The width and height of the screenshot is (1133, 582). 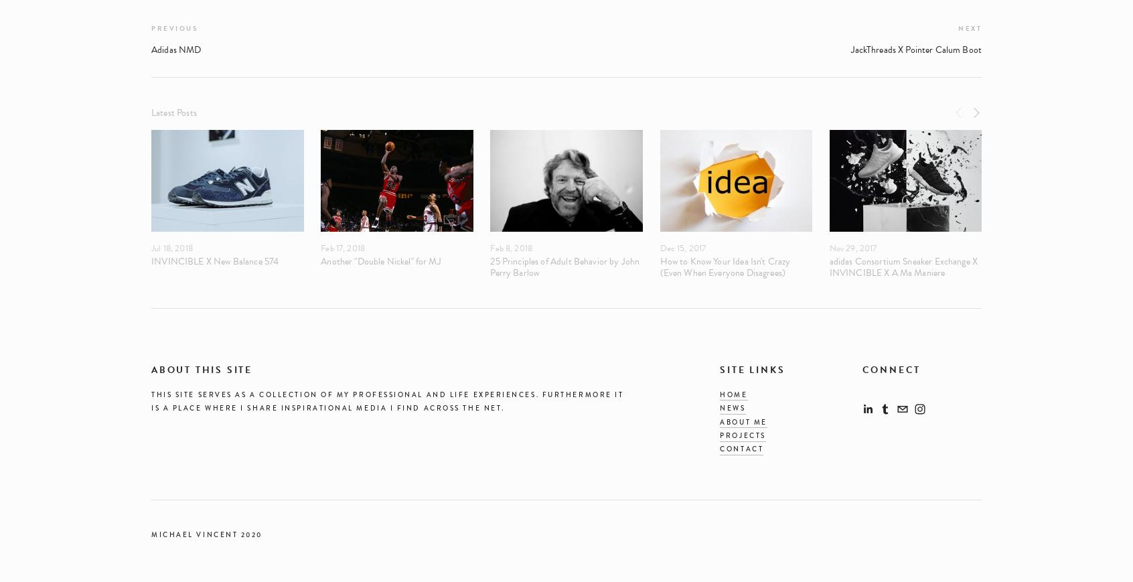 What do you see at coordinates (320, 247) in the screenshot?
I see `'Feb 17, 2018'` at bounding box center [320, 247].